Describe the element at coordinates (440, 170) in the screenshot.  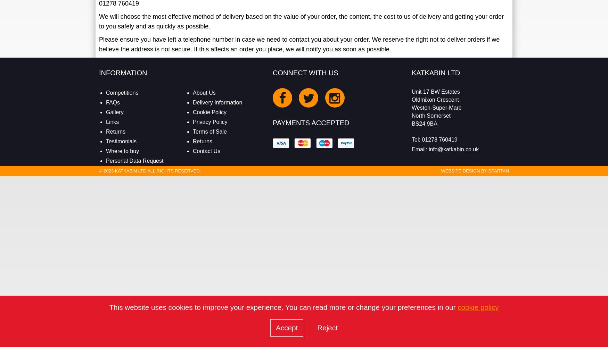
I see `'Website Design by'` at that location.